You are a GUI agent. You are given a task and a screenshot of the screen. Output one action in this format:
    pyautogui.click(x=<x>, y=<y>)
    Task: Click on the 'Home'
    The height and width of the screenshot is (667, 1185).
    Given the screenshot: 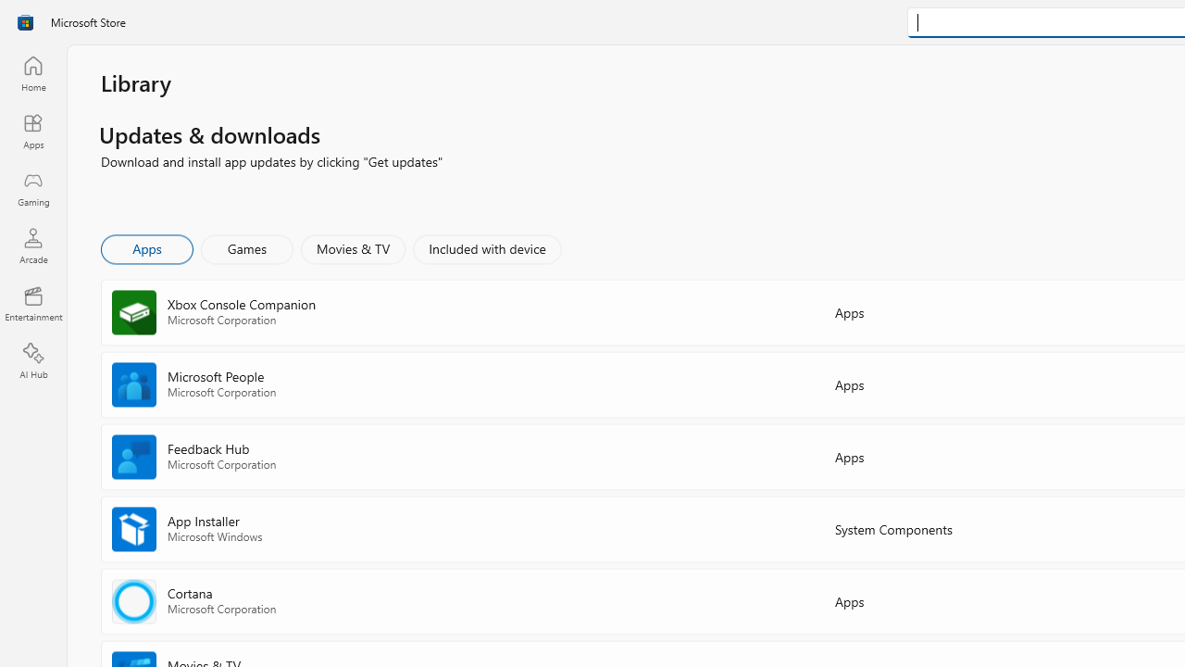 What is the action you would take?
    pyautogui.click(x=32, y=72)
    